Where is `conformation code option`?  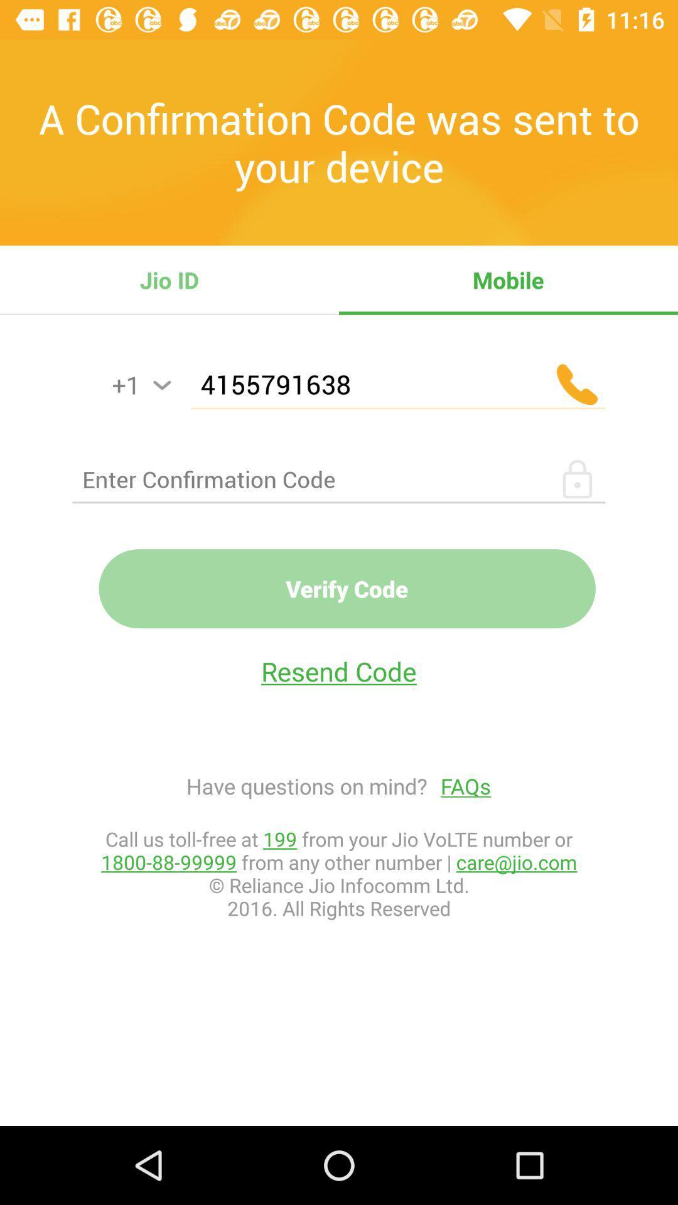
conformation code option is located at coordinates (339, 478).